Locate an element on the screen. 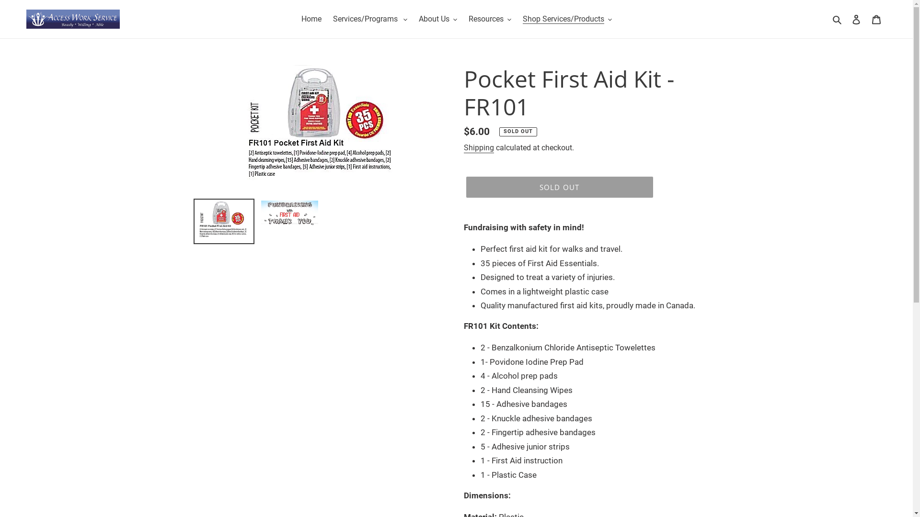 This screenshot has height=517, width=920. 'Cart' is located at coordinates (866, 19).